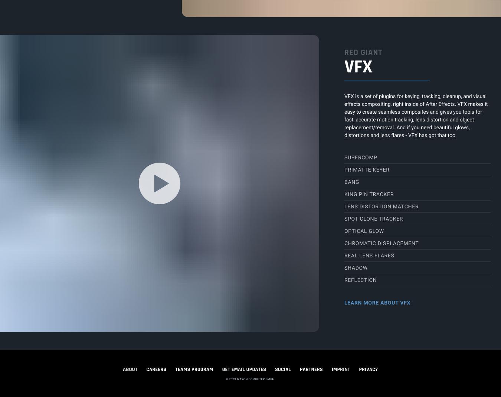 Image resolution: width=501 pixels, height=397 pixels. Describe the element at coordinates (193, 369) in the screenshot. I see `'TEAMS PROGRAM'` at that location.